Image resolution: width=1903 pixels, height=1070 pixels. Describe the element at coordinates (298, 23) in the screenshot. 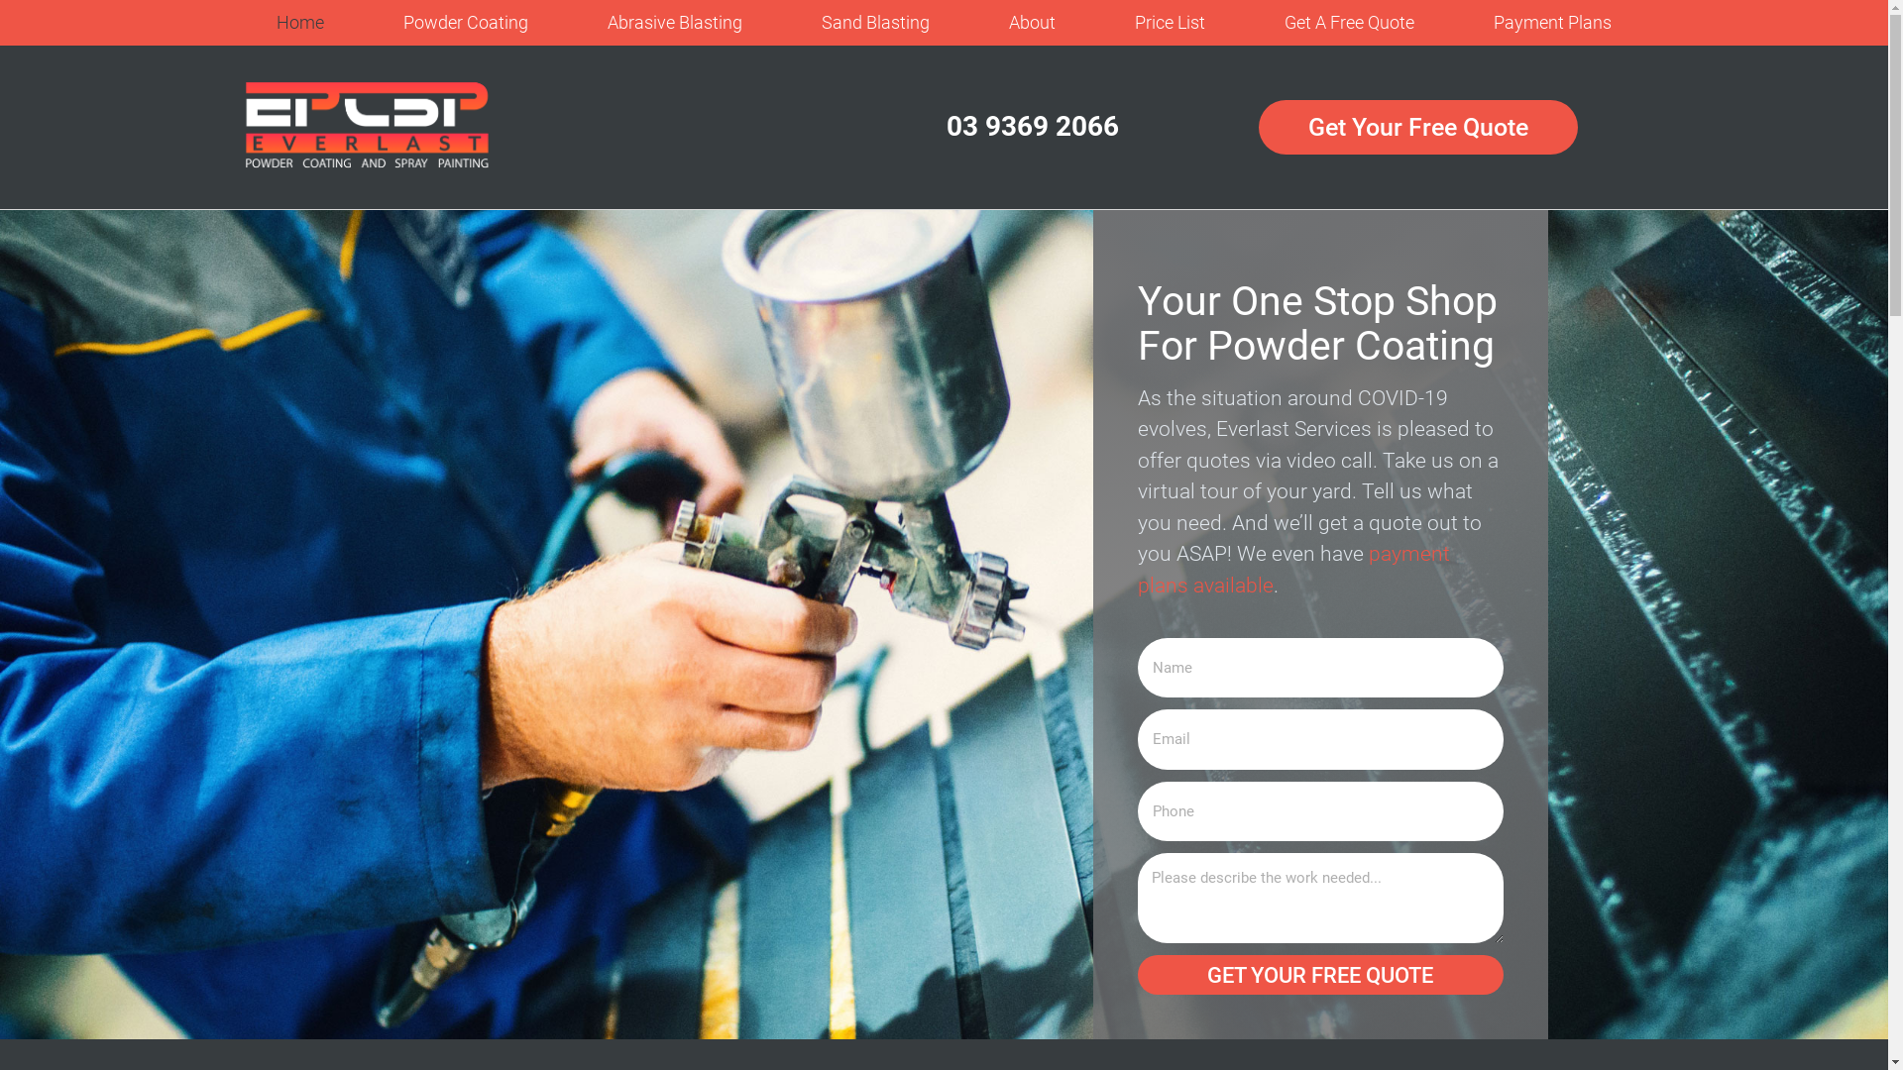

I see `'Home'` at that location.